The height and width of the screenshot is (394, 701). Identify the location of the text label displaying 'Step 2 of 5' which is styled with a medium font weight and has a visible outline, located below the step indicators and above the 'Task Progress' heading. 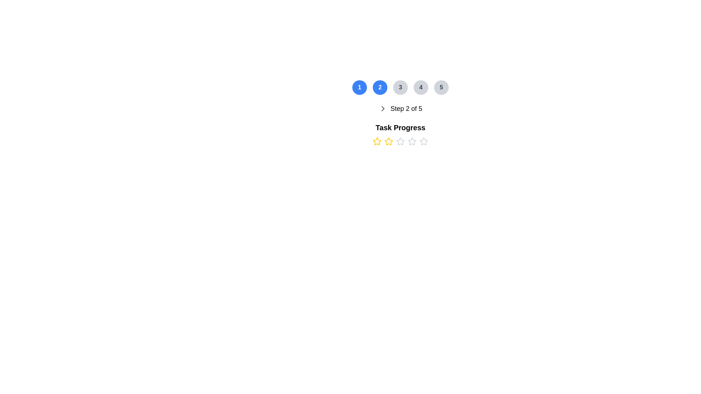
(400, 108).